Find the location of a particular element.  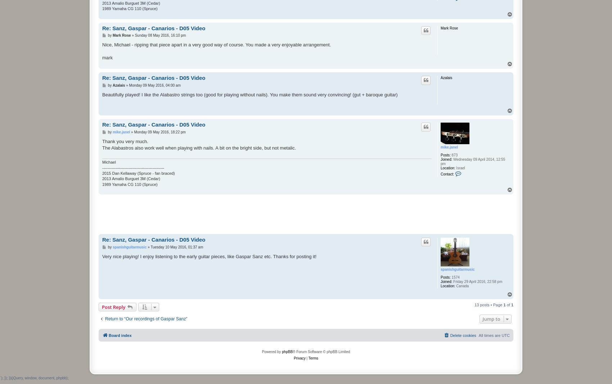

'phpBB' is located at coordinates (287, 351).